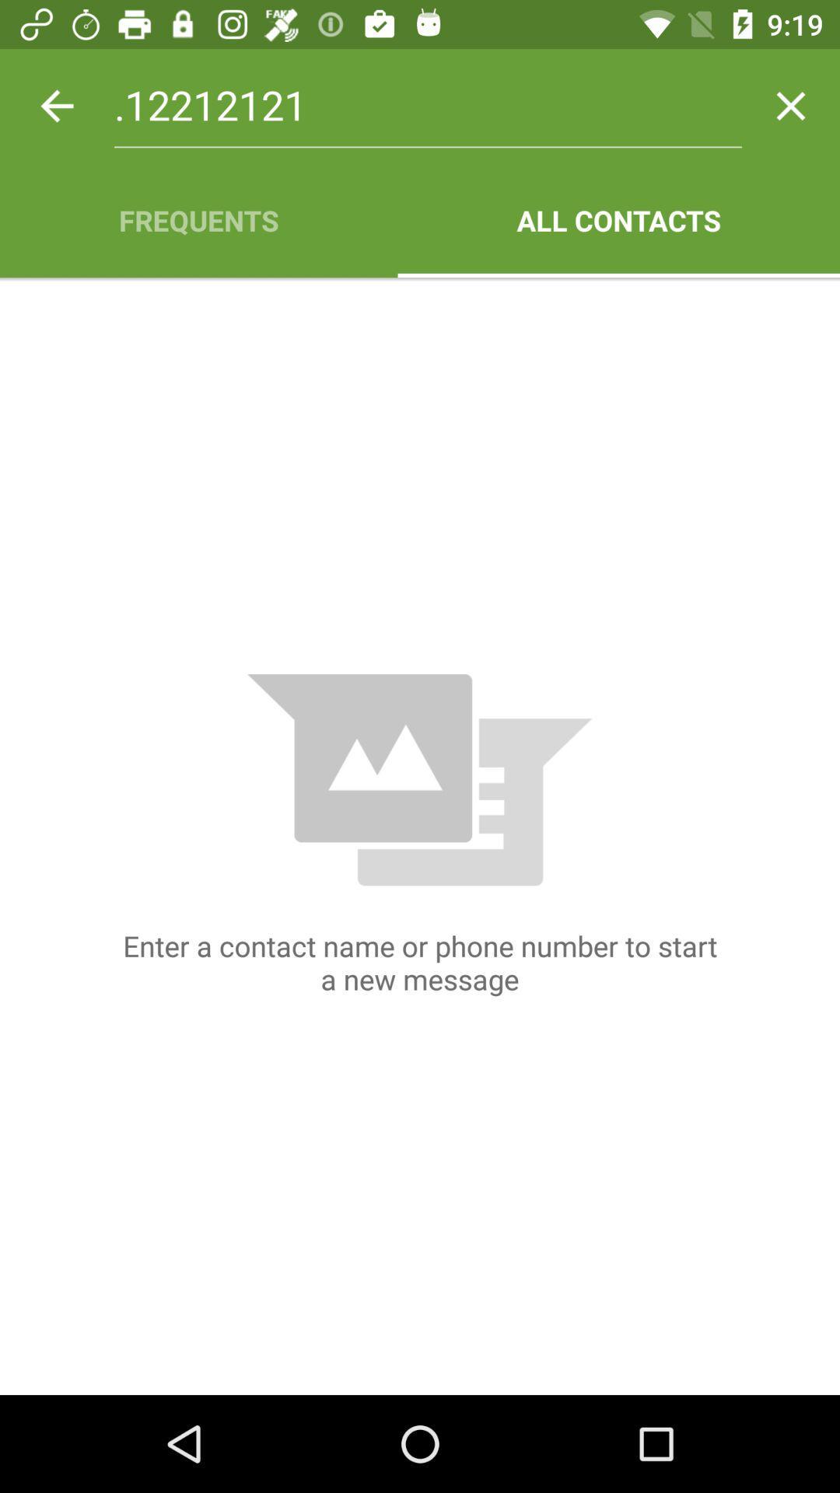 The image size is (840, 1493). I want to click on the icon to the right of .12212121, so click(791, 105).